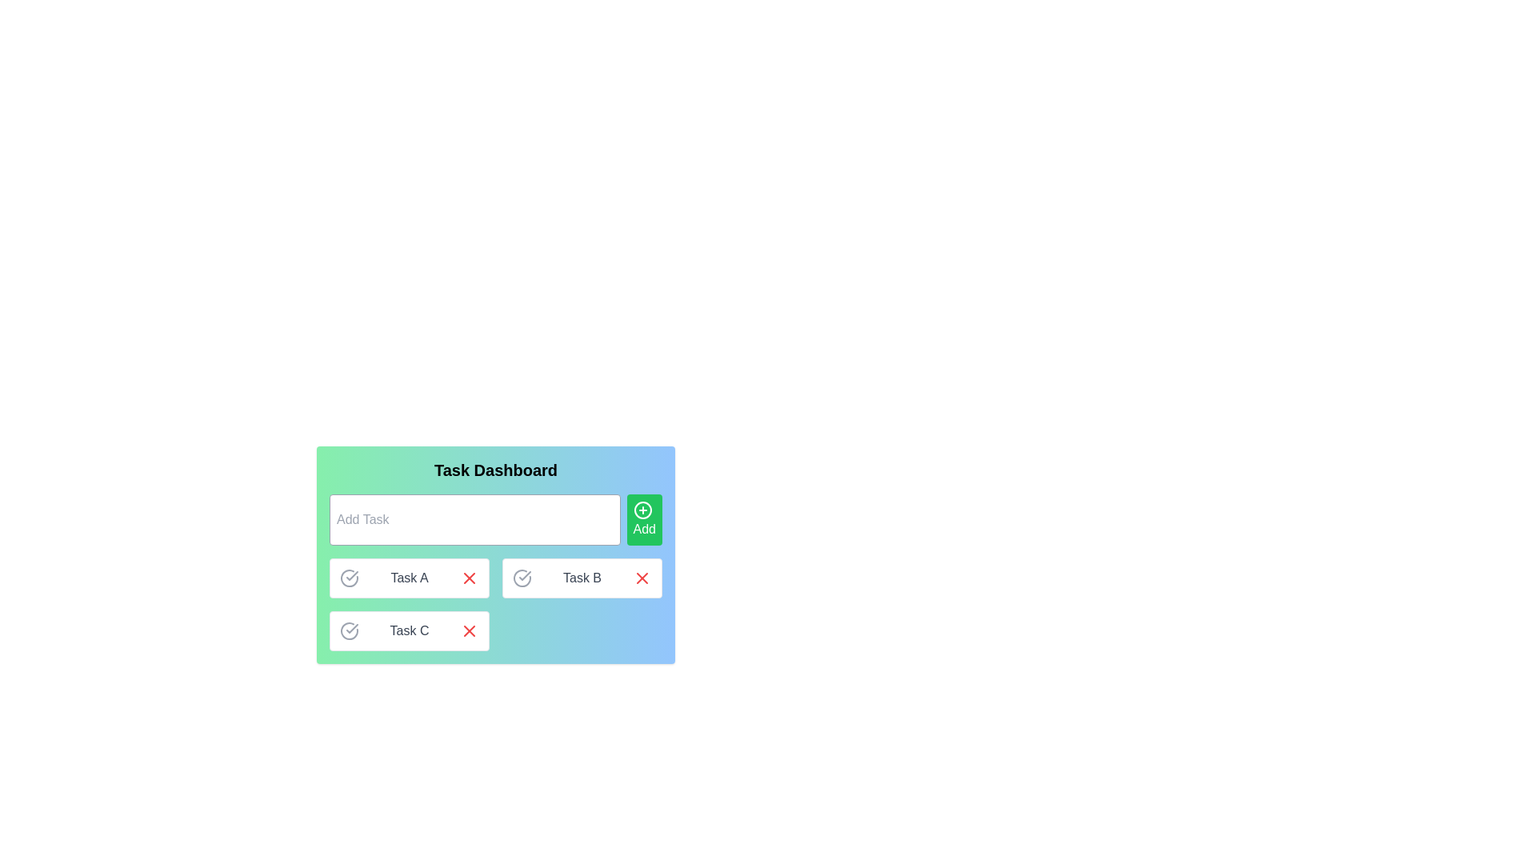 The image size is (1536, 864). What do you see at coordinates (468, 630) in the screenshot?
I see `the 'X' icon graphic used for deletion` at bounding box center [468, 630].